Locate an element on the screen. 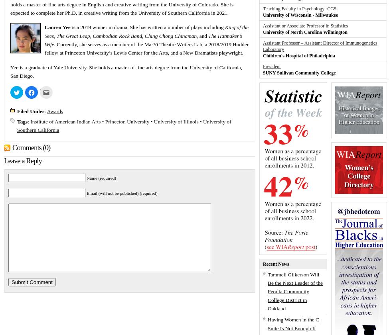  'Princeton University' is located at coordinates (127, 121).